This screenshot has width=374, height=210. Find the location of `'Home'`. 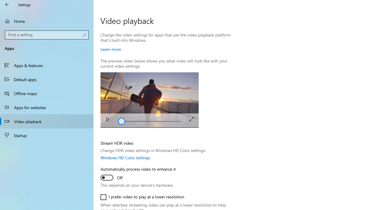

'Home' is located at coordinates (47, 21).